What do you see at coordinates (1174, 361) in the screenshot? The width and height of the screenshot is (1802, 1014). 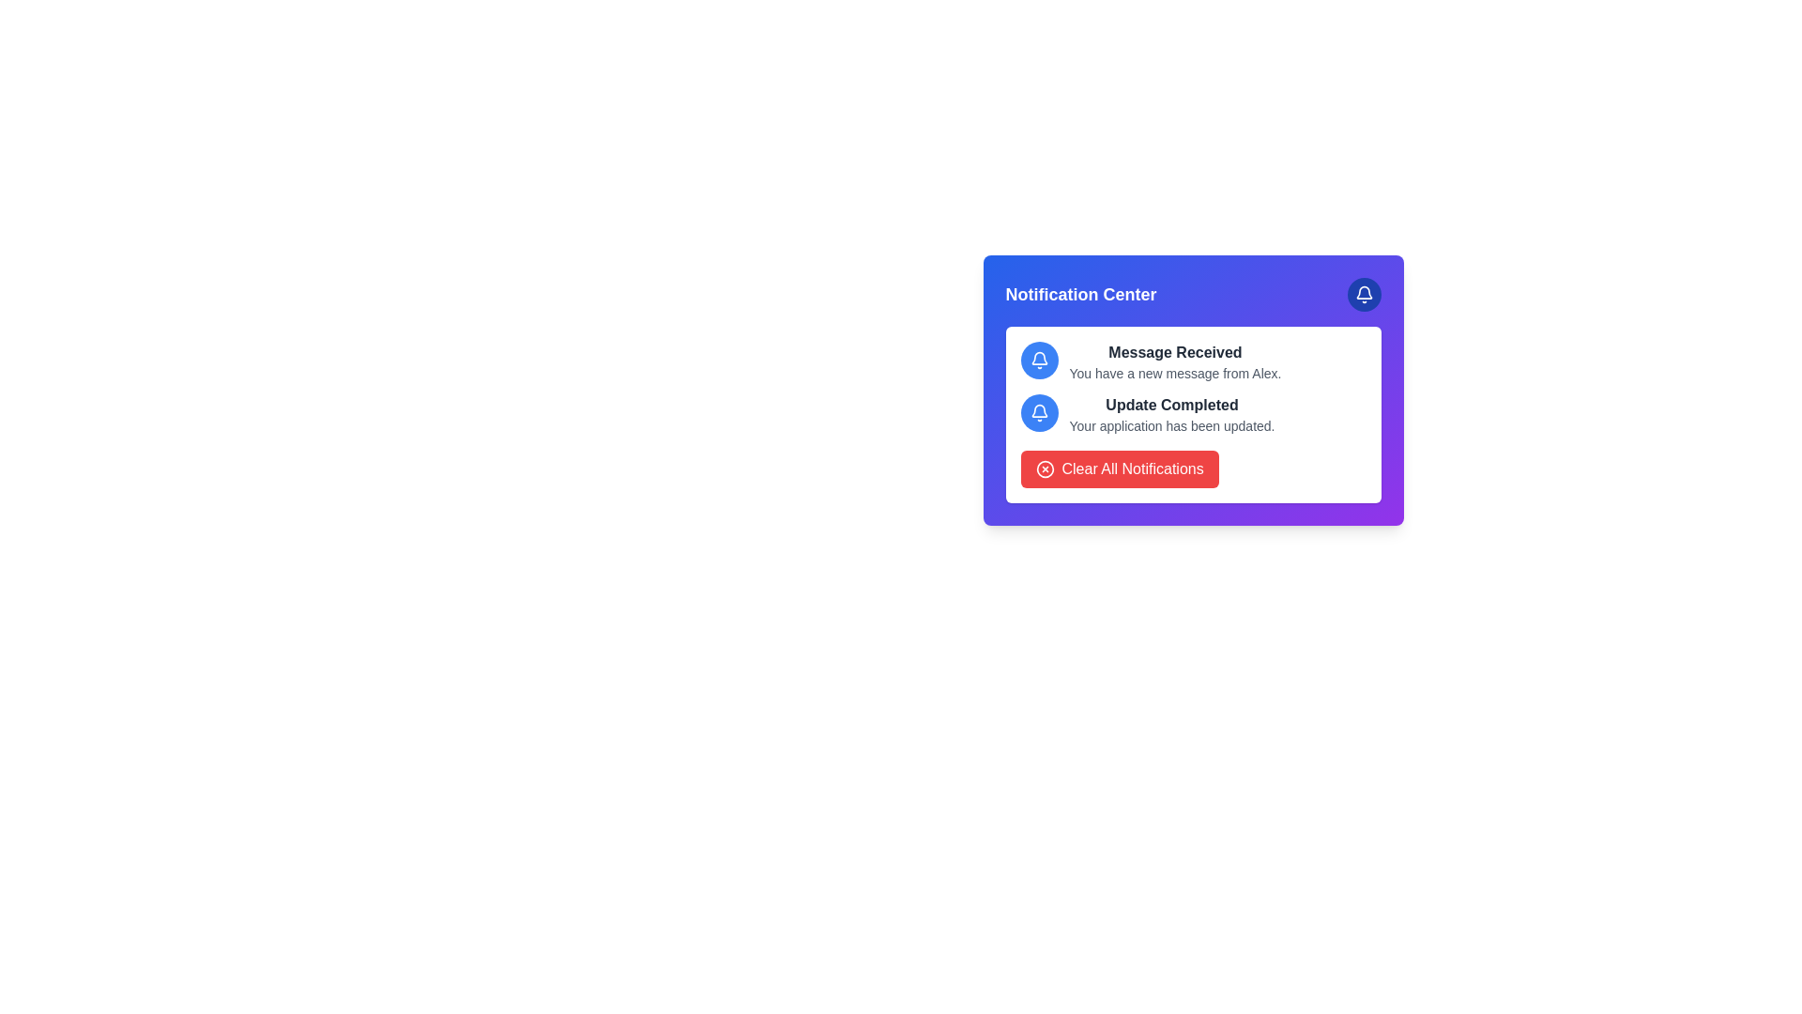 I see `text of the notification component that displays 'Message Received' and 'You have a new message from Alex.'` at bounding box center [1174, 361].